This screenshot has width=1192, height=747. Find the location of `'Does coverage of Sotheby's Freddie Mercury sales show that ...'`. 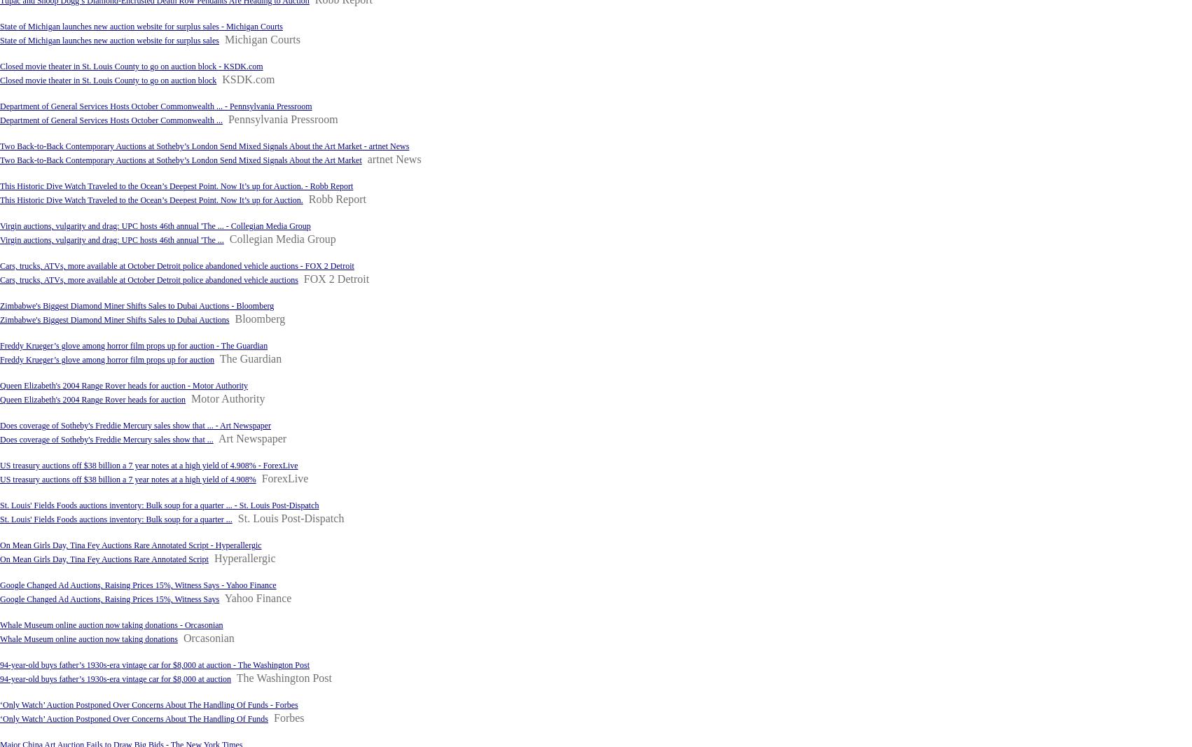

'Does coverage of Sotheby's Freddie Mercury sales show that ...' is located at coordinates (0, 440).